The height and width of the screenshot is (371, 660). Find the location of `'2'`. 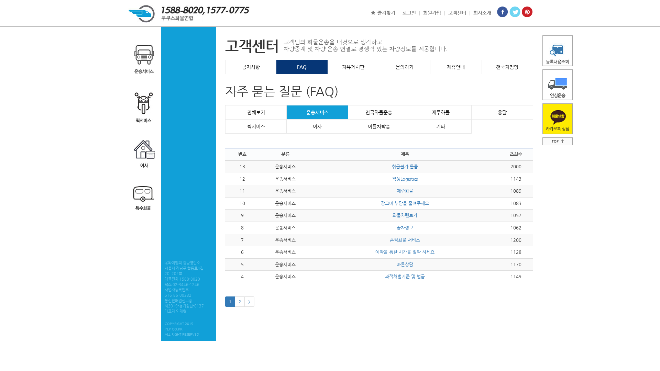

'2' is located at coordinates (240, 301).